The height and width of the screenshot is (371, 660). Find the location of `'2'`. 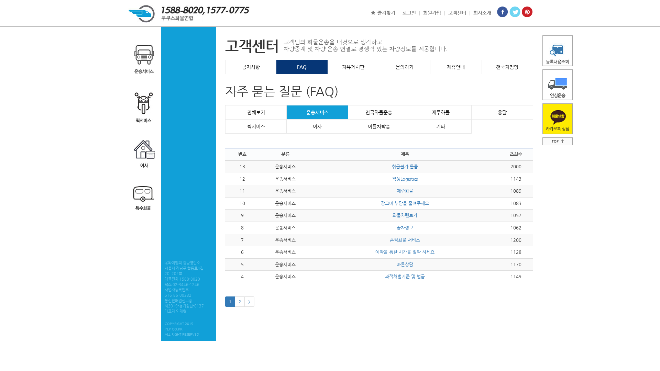

'2' is located at coordinates (240, 301).